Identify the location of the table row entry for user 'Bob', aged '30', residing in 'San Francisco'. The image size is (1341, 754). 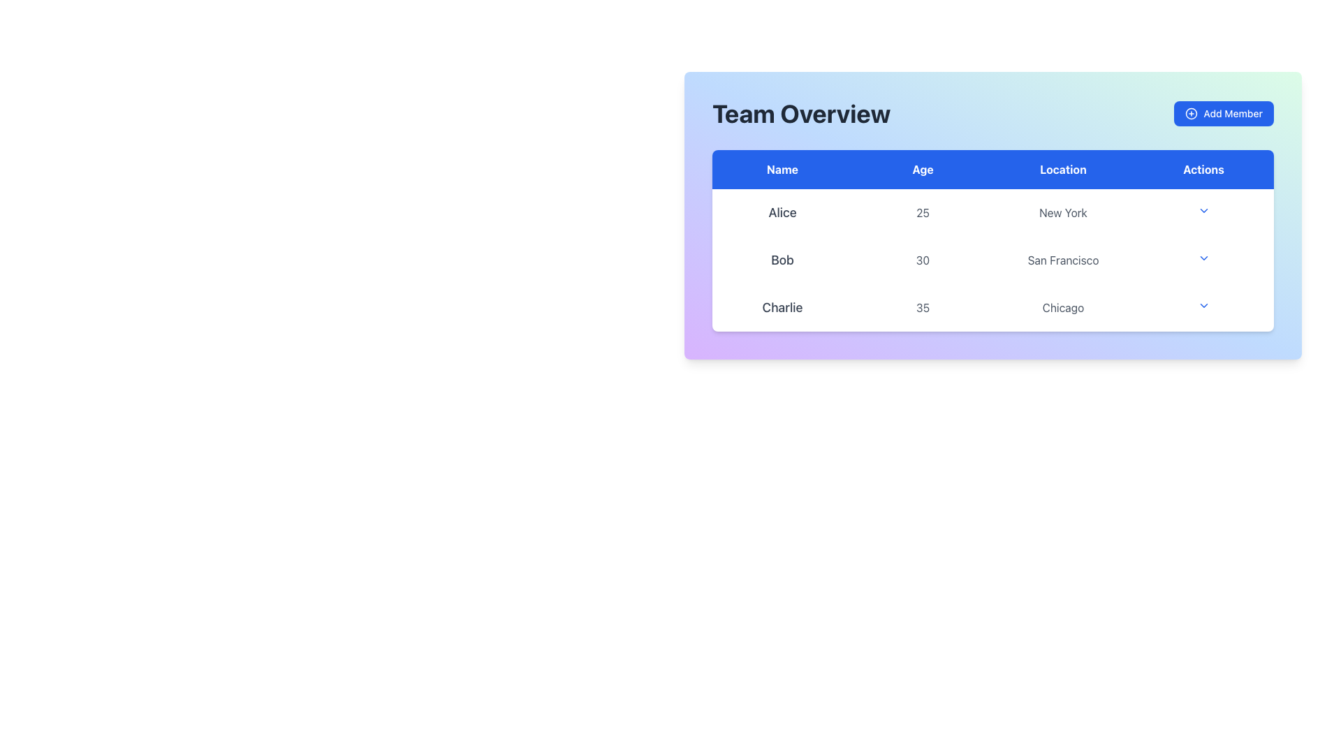
(992, 260).